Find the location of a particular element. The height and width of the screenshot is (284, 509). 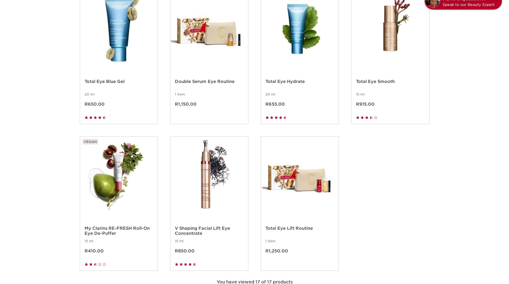

'Total Eye Blue Gel' is located at coordinates (104, 88).